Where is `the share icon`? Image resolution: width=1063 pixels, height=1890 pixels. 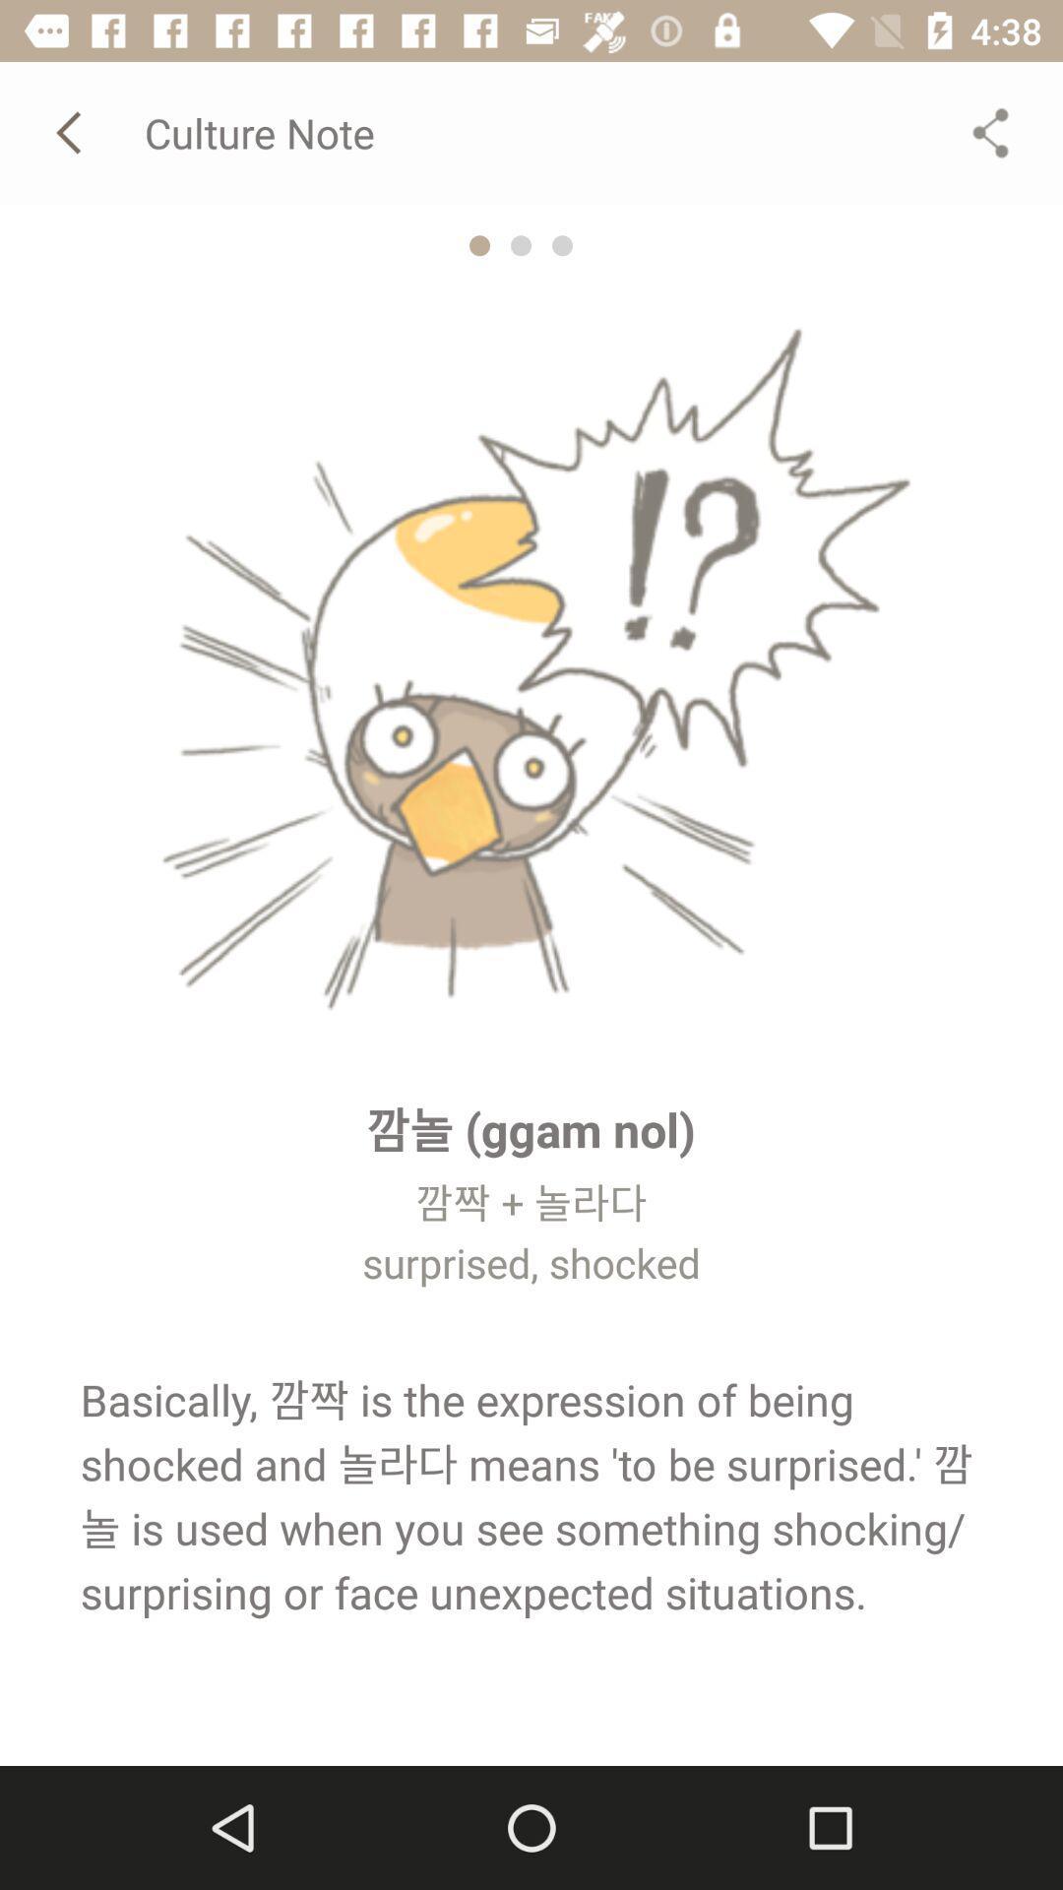
the share icon is located at coordinates (990, 131).